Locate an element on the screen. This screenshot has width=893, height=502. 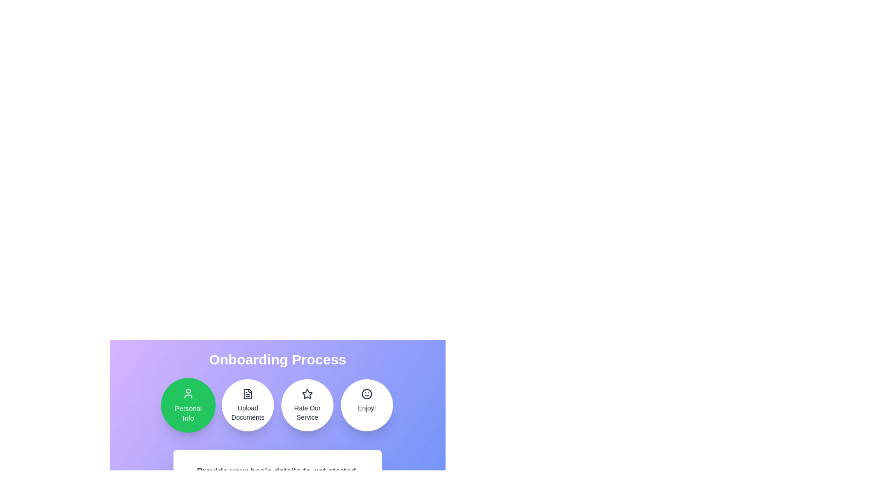
the onboarding step Upload Documents by clicking on its corresponding icon is located at coordinates (247, 404).